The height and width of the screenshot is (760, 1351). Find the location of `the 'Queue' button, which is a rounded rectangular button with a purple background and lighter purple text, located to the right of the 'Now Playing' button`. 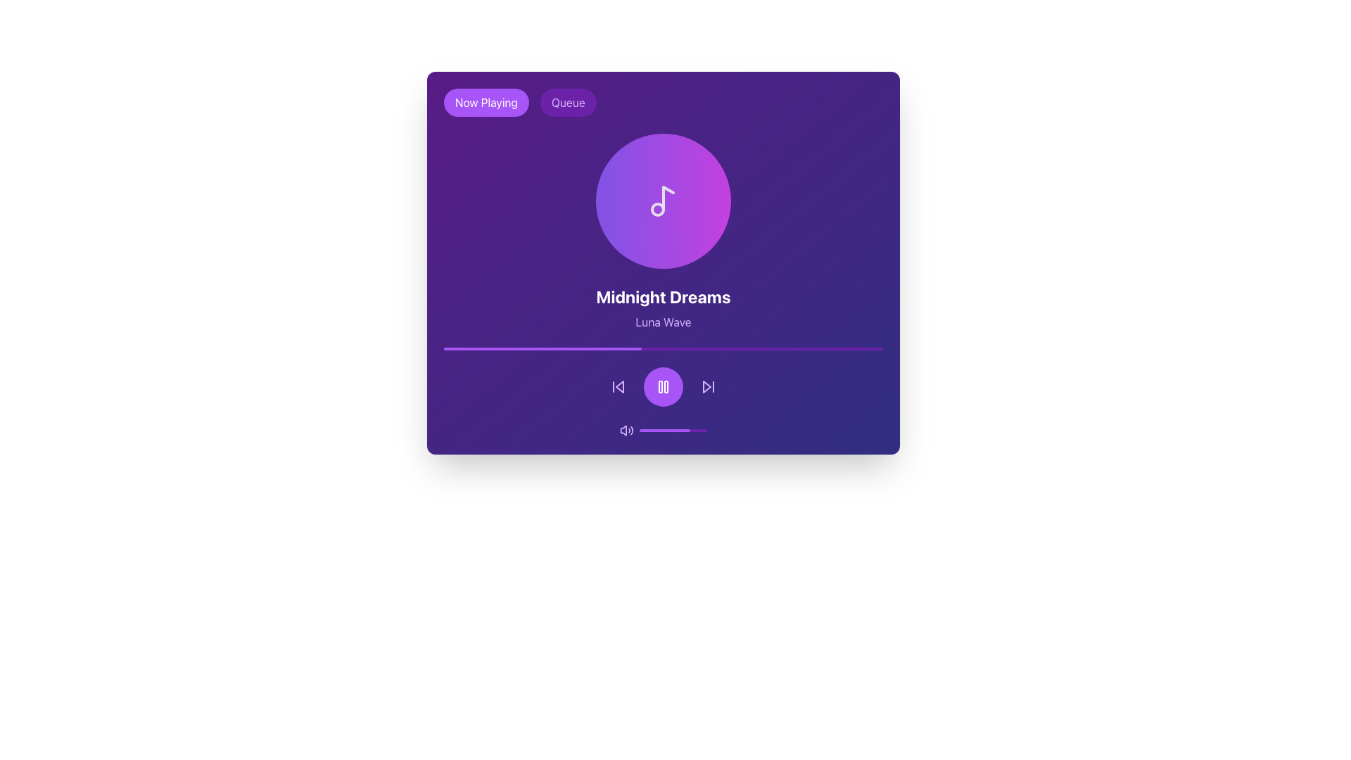

the 'Queue' button, which is a rounded rectangular button with a purple background and lighter purple text, located to the right of the 'Now Playing' button is located at coordinates (568, 102).